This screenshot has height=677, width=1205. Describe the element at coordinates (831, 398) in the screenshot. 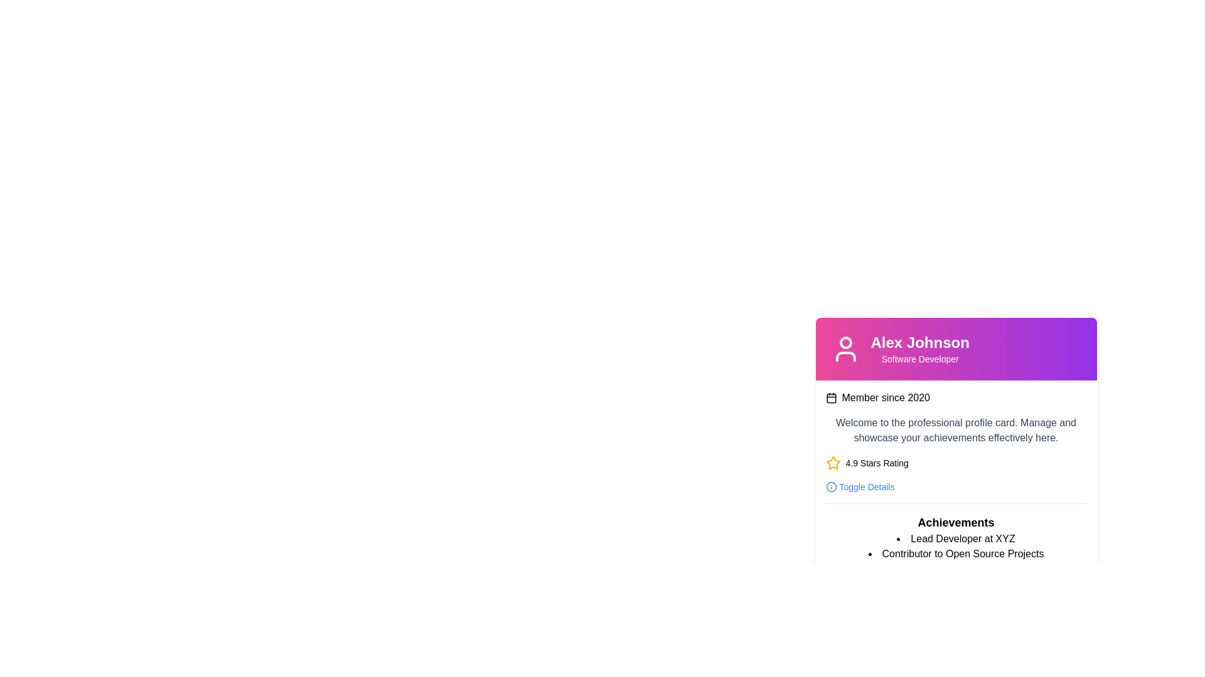

I see `the rounded rectangle SVG graphic that represents a part of the calendar icon by focusing on its central area` at that location.